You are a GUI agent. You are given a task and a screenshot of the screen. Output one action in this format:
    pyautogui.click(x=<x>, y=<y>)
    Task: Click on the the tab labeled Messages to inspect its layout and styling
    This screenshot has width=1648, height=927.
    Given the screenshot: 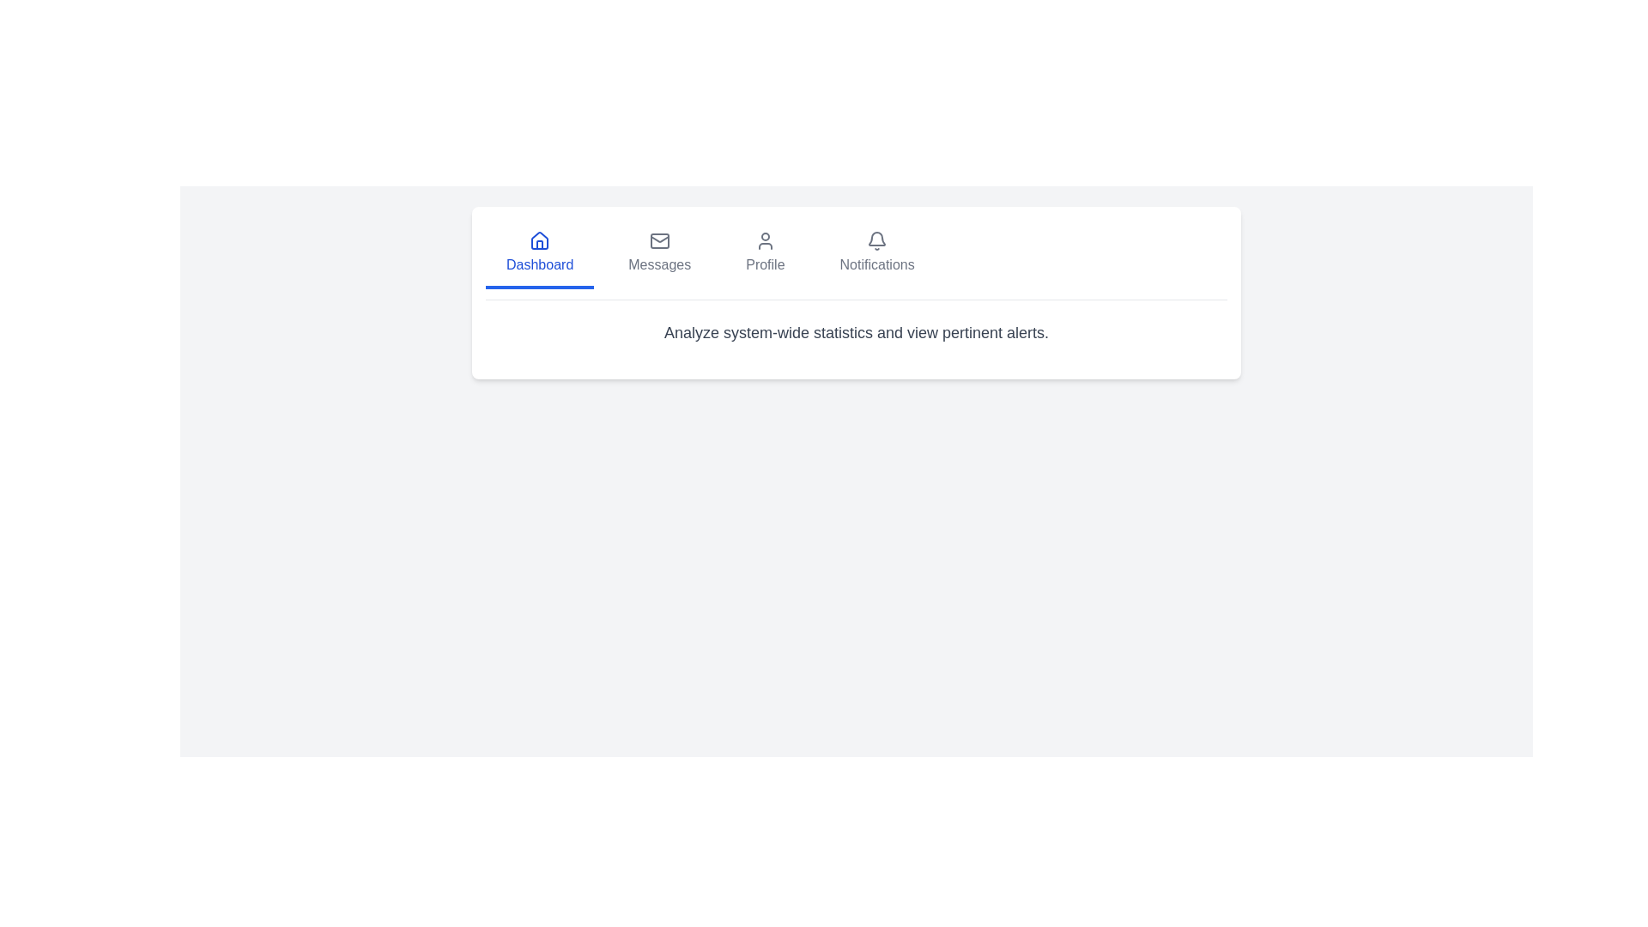 What is the action you would take?
    pyautogui.click(x=658, y=255)
    